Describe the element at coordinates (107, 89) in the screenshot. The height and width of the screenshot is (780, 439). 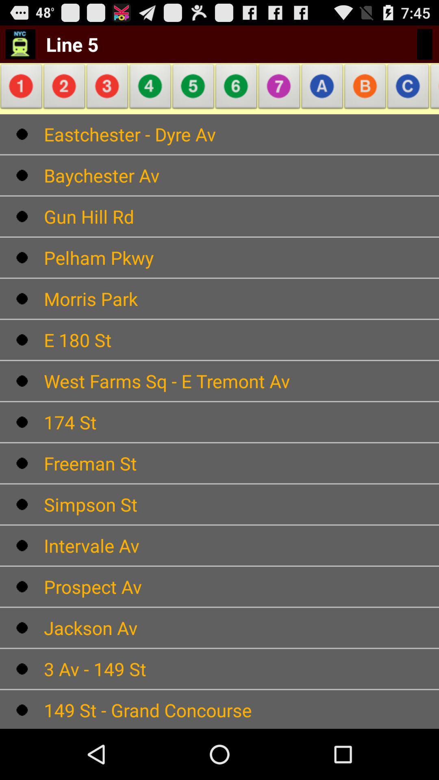
I see `the icon above eastchester - dyre av` at that location.